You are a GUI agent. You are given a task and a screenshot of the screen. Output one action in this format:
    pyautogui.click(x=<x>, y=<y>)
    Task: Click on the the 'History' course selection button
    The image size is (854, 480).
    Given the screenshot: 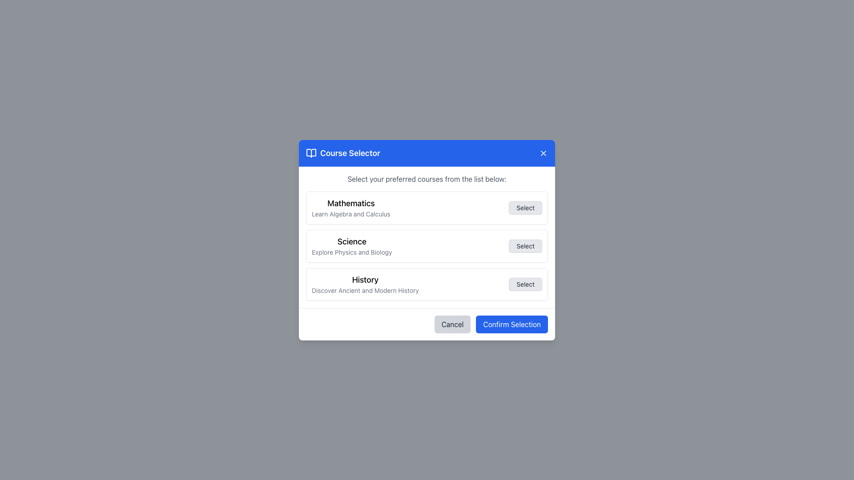 What is the action you would take?
    pyautogui.click(x=525, y=284)
    